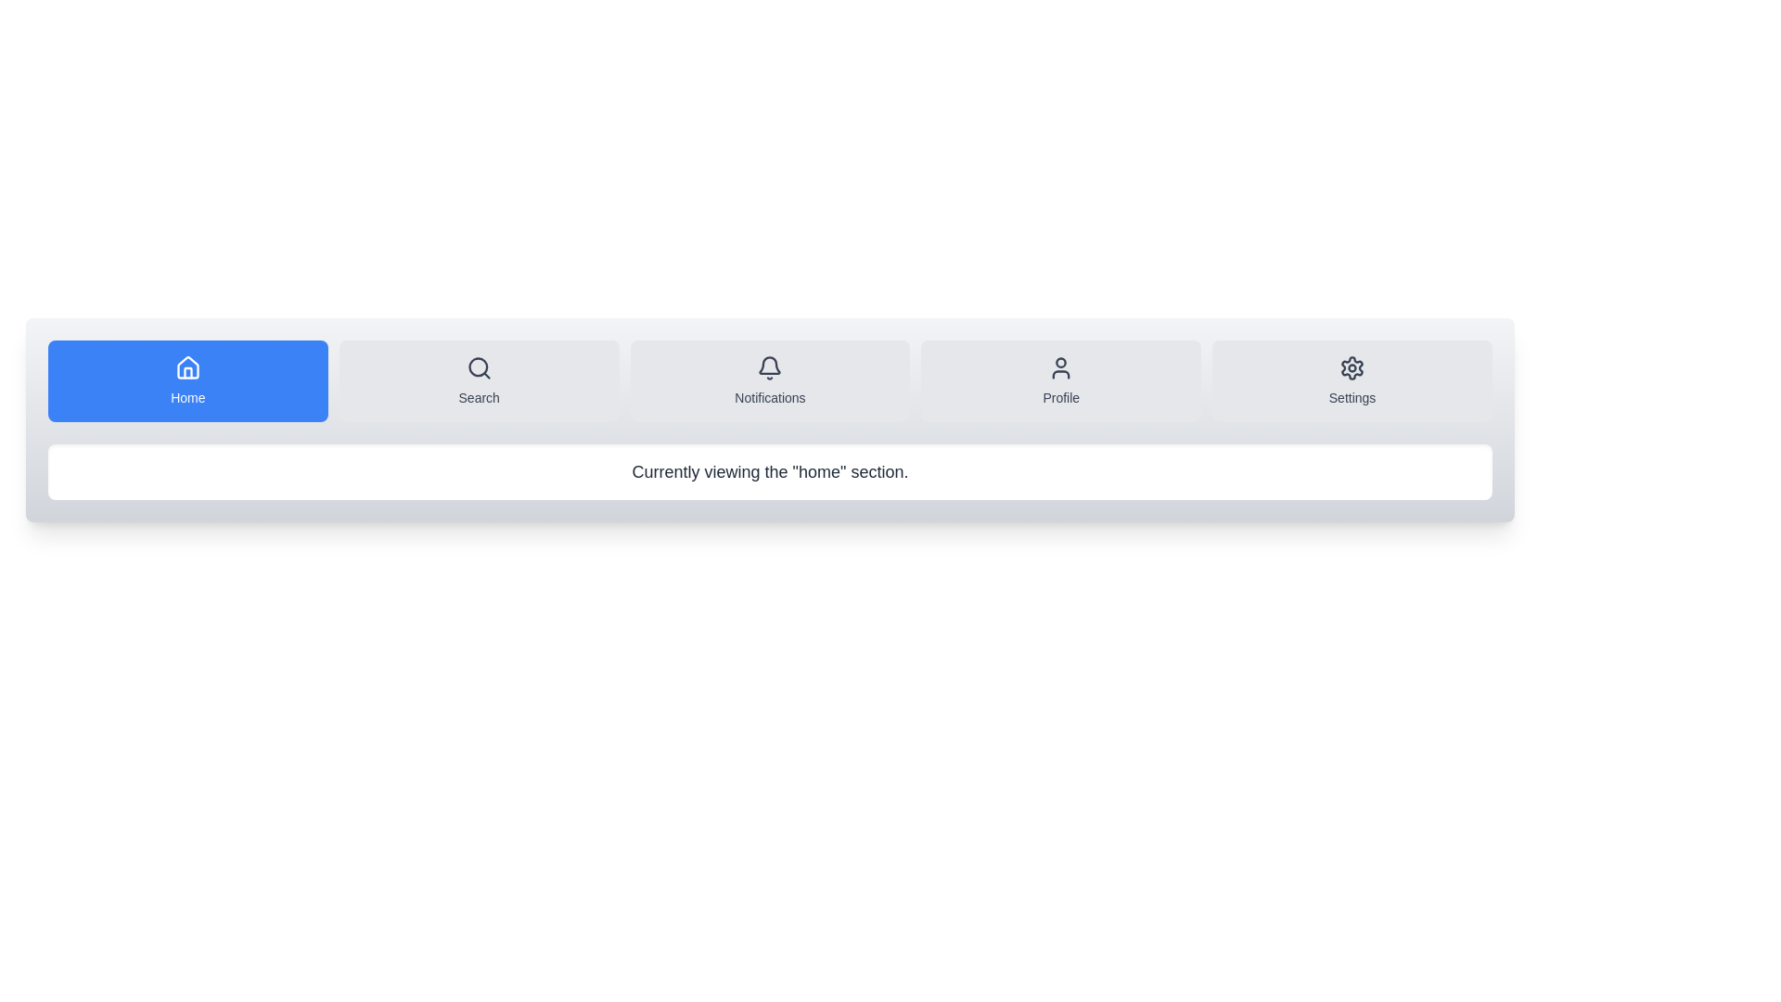 Image resolution: width=1781 pixels, height=1002 pixels. Describe the element at coordinates (1061, 363) in the screenshot. I see `the graphical indicator circle that represents the notification count for the profile icon located in the navigation bar near the center-right section` at that location.